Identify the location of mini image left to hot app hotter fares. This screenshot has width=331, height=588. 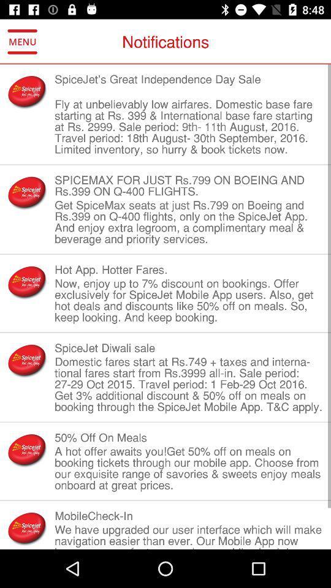
(27, 282).